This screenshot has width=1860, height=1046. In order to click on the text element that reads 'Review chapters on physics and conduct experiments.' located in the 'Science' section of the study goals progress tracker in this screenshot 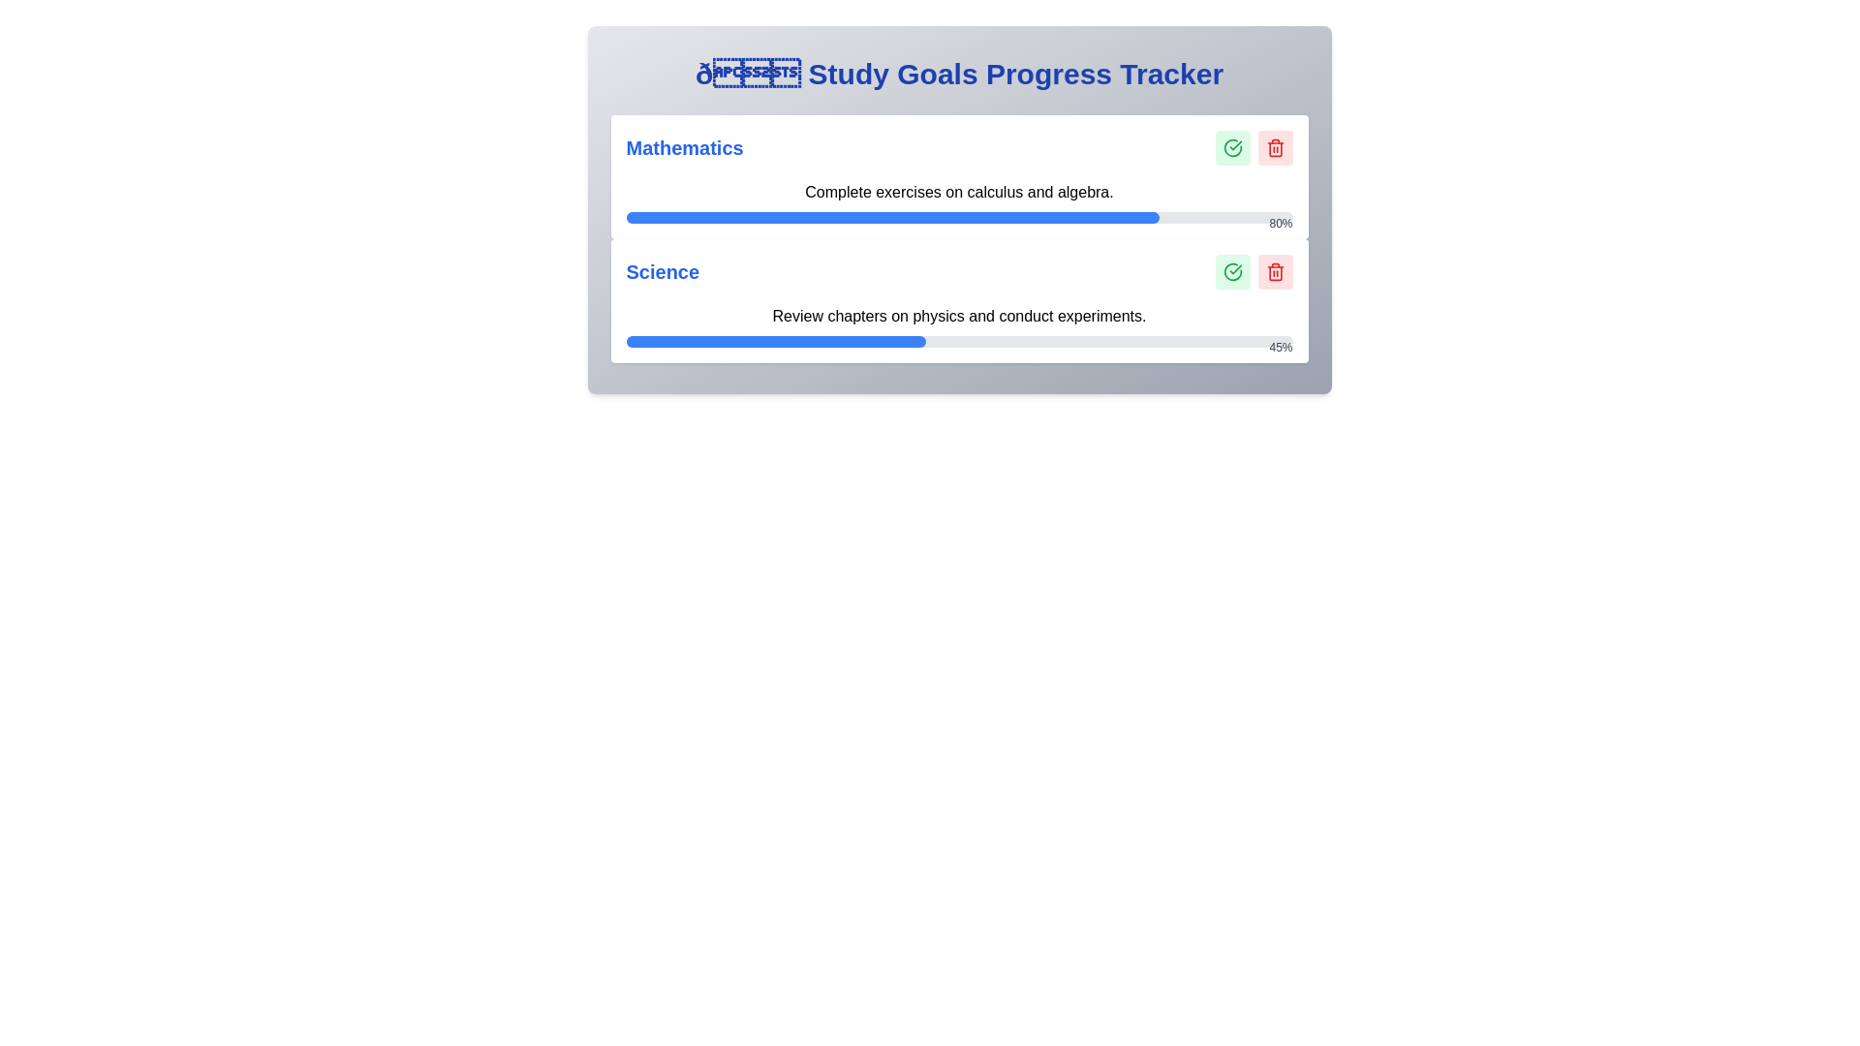, I will do `click(959, 316)`.